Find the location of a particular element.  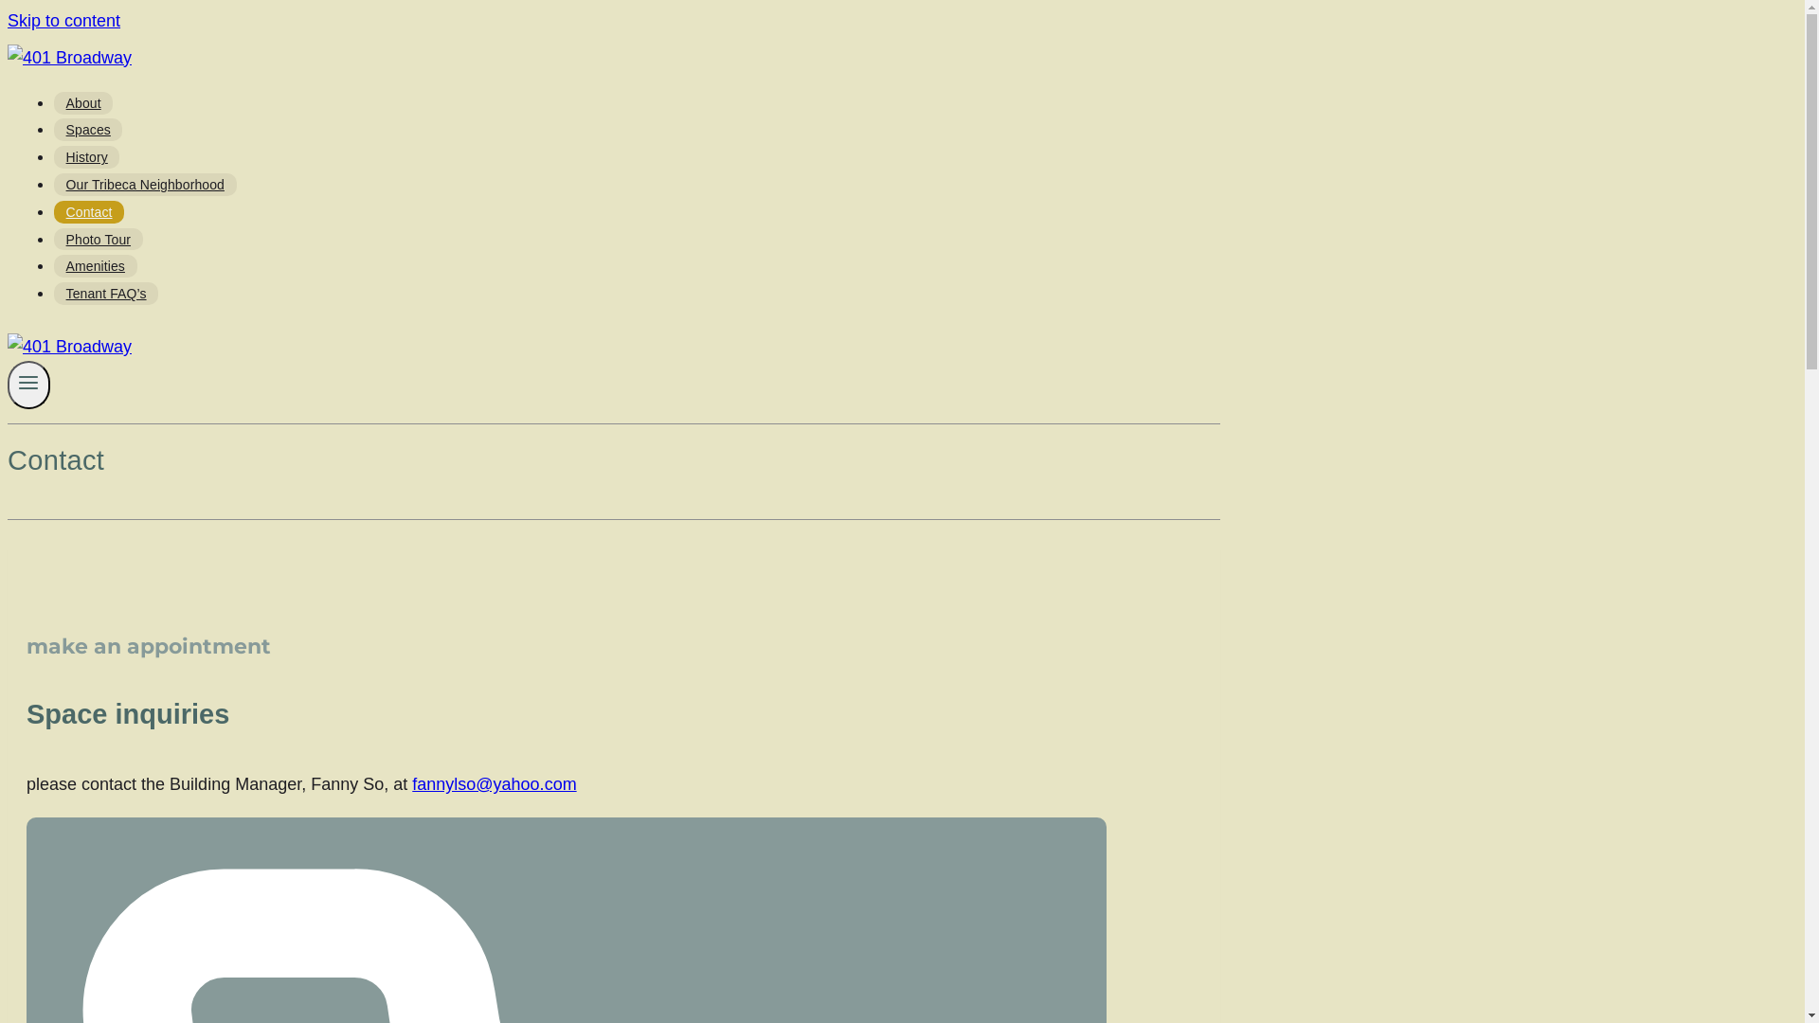

'Spaces' is located at coordinates (86, 129).